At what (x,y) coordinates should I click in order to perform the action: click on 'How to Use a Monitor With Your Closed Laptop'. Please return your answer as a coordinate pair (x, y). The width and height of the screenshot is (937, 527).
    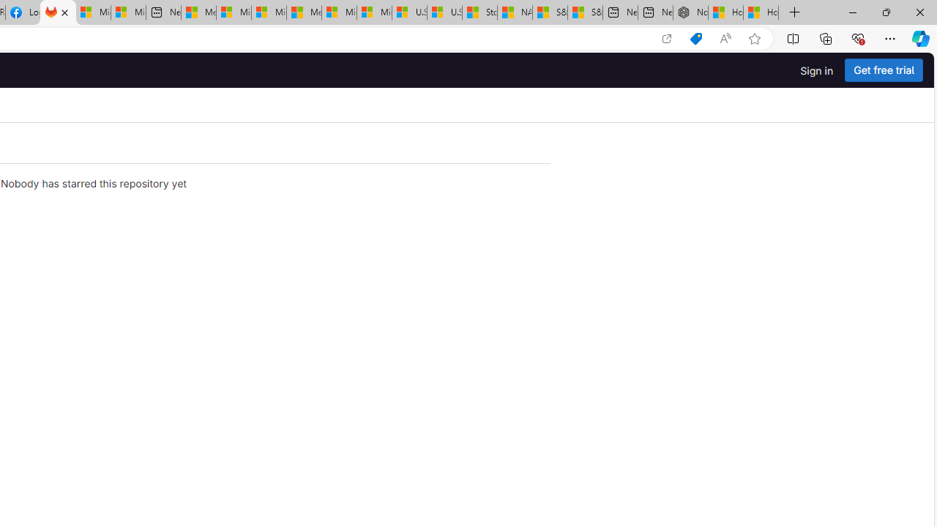
    Looking at the image, I should click on (761, 12).